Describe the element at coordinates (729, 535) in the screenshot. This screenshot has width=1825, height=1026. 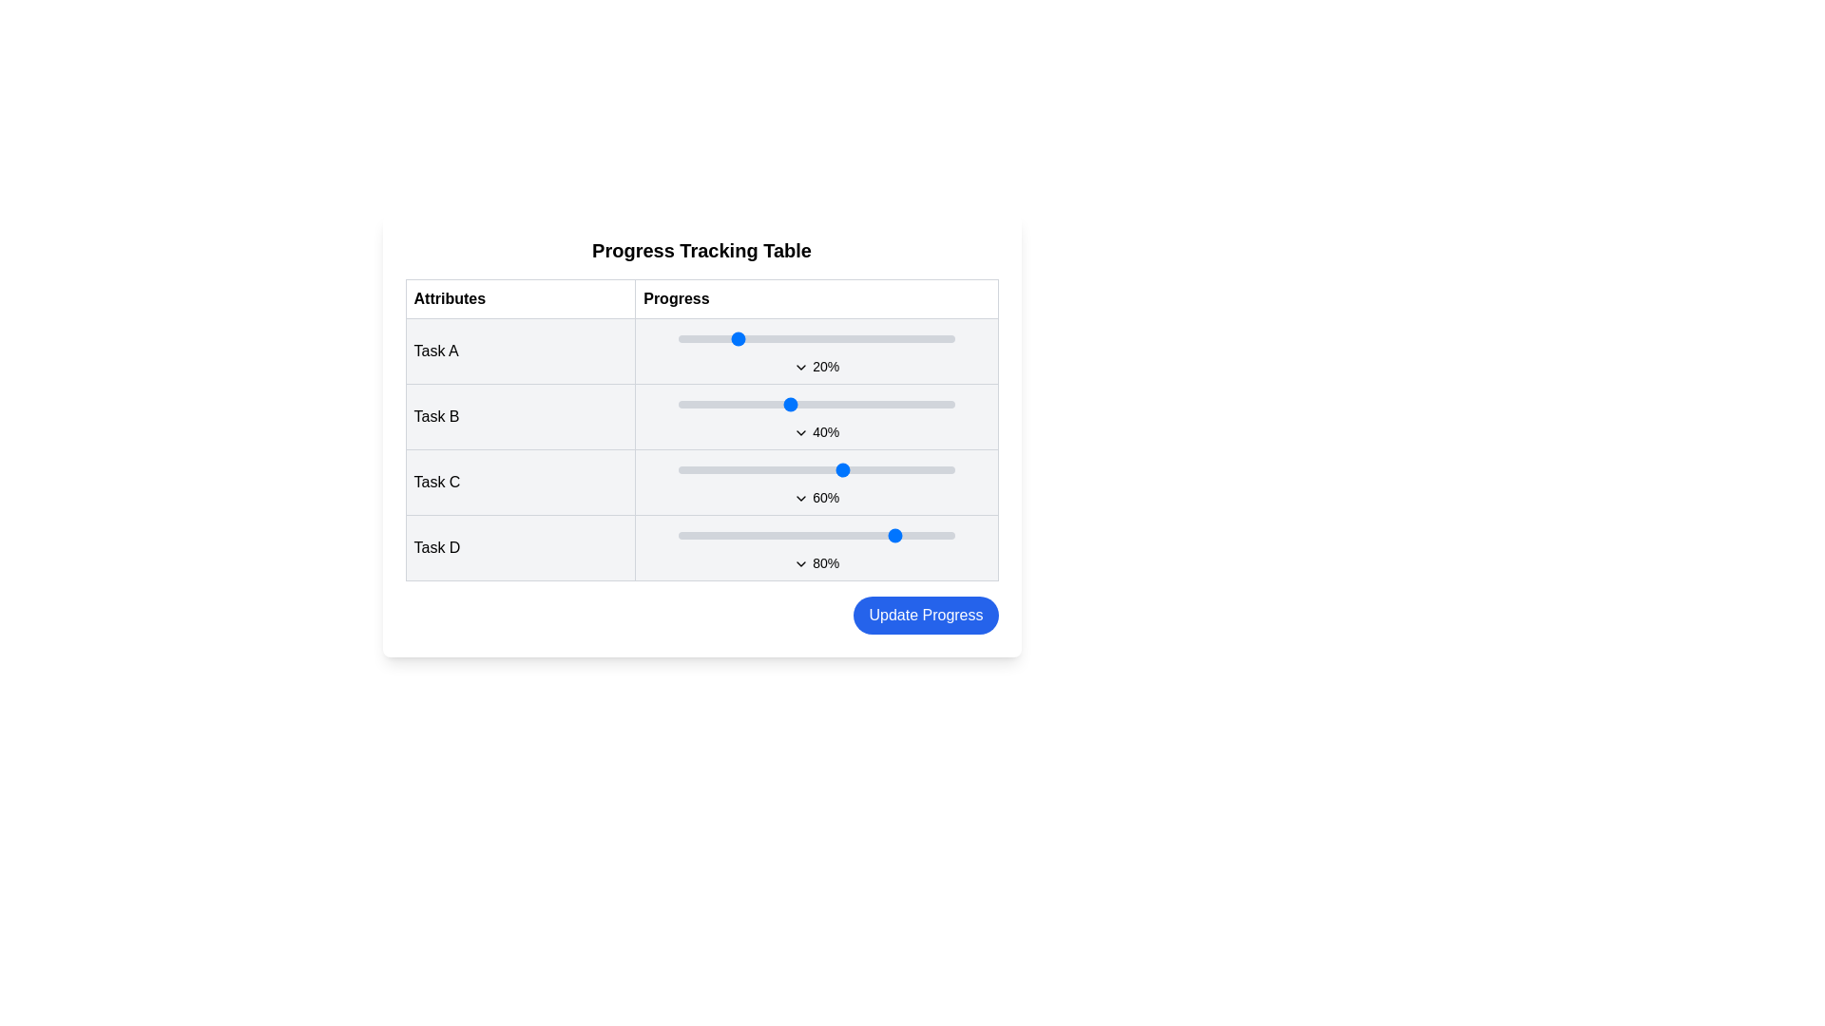
I see `task progress` at that location.